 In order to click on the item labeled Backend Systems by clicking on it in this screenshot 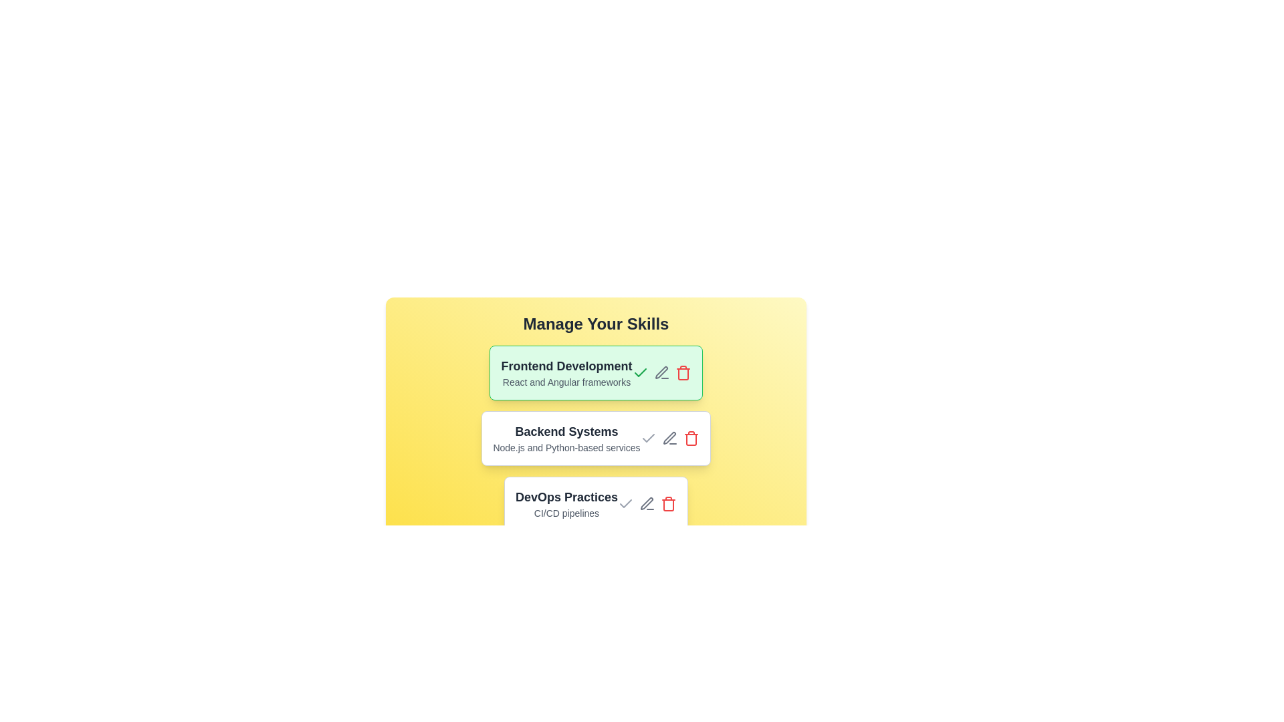, I will do `click(595, 438)`.